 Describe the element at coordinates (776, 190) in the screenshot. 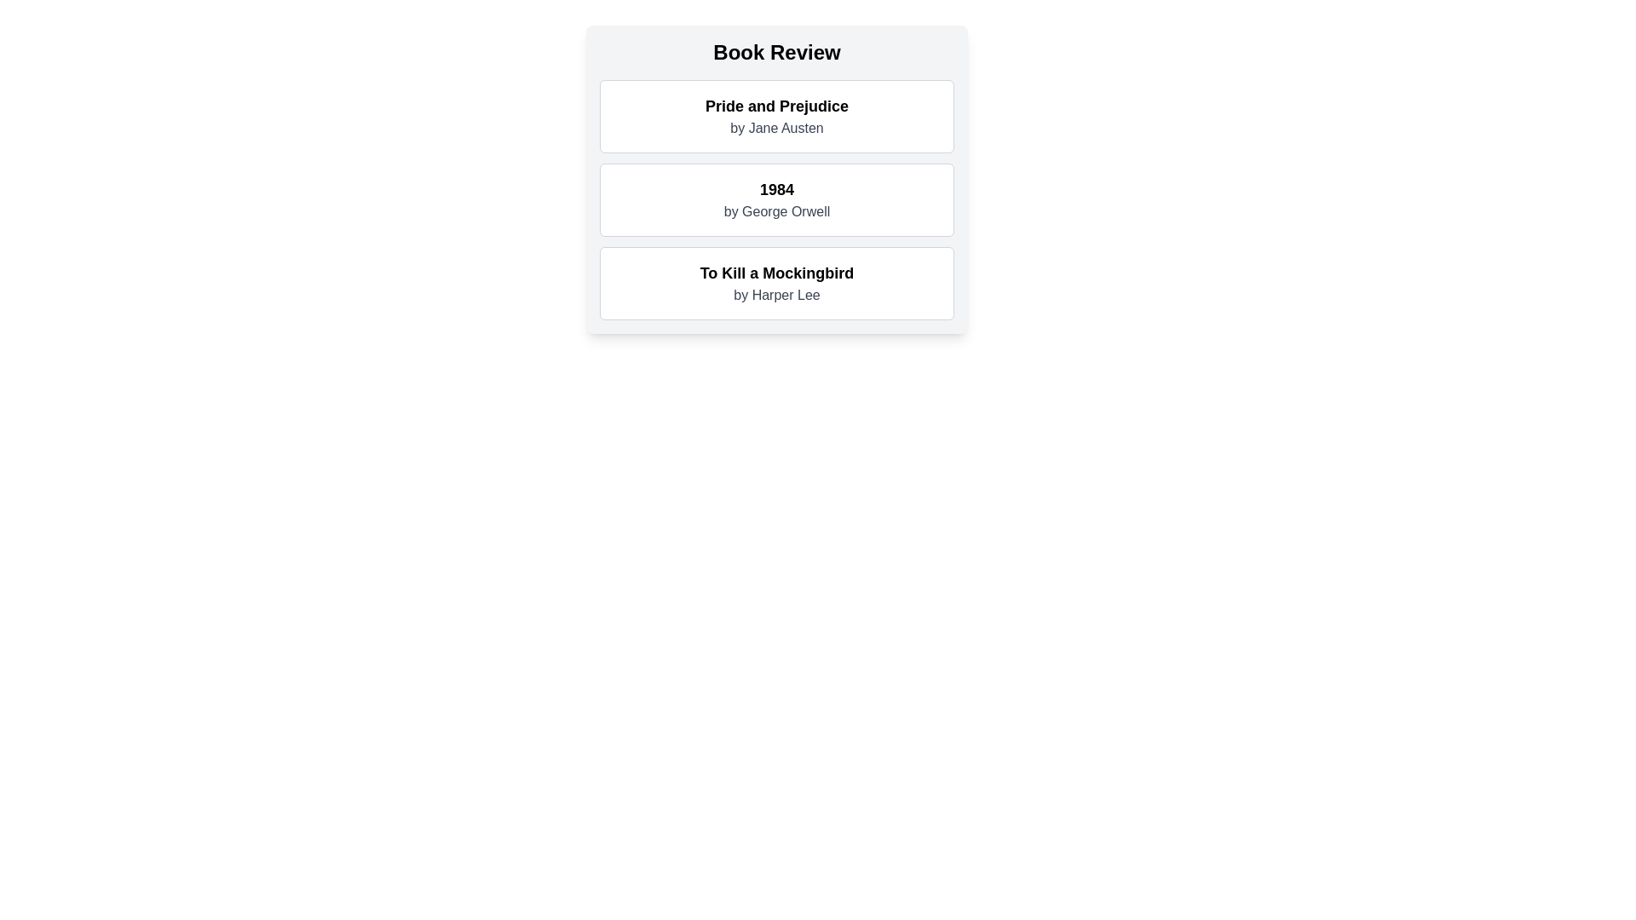

I see `the text label element titled '1984', which is depicted in bold and larger font style and is positioned above the subtitle 'by George Orwell' in the second section of the book items list` at that location.